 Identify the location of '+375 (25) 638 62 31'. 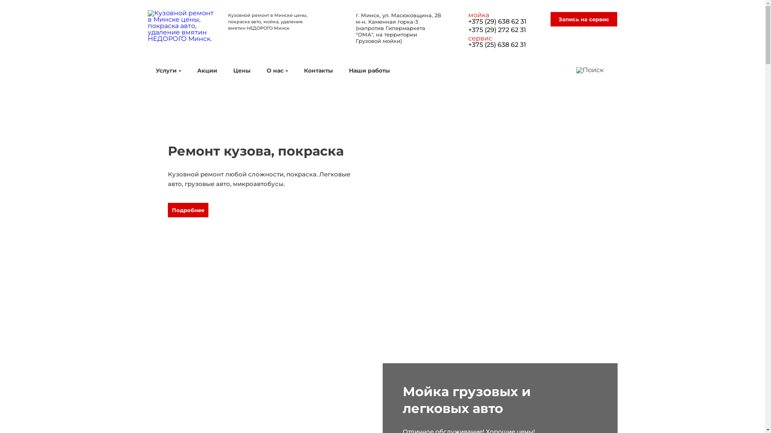
(502, 48).